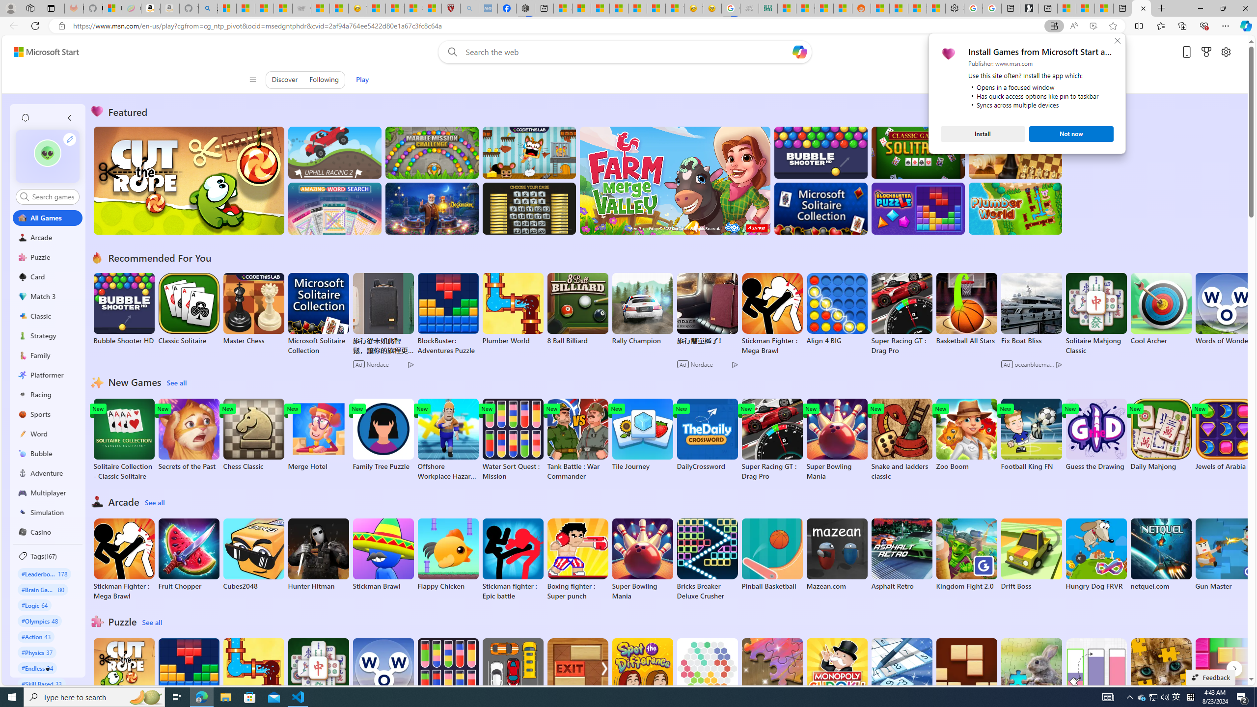  Describe the element at coordinates (901, 440) in the screenshot. I see `'Snake and ladders classic'` at that location.